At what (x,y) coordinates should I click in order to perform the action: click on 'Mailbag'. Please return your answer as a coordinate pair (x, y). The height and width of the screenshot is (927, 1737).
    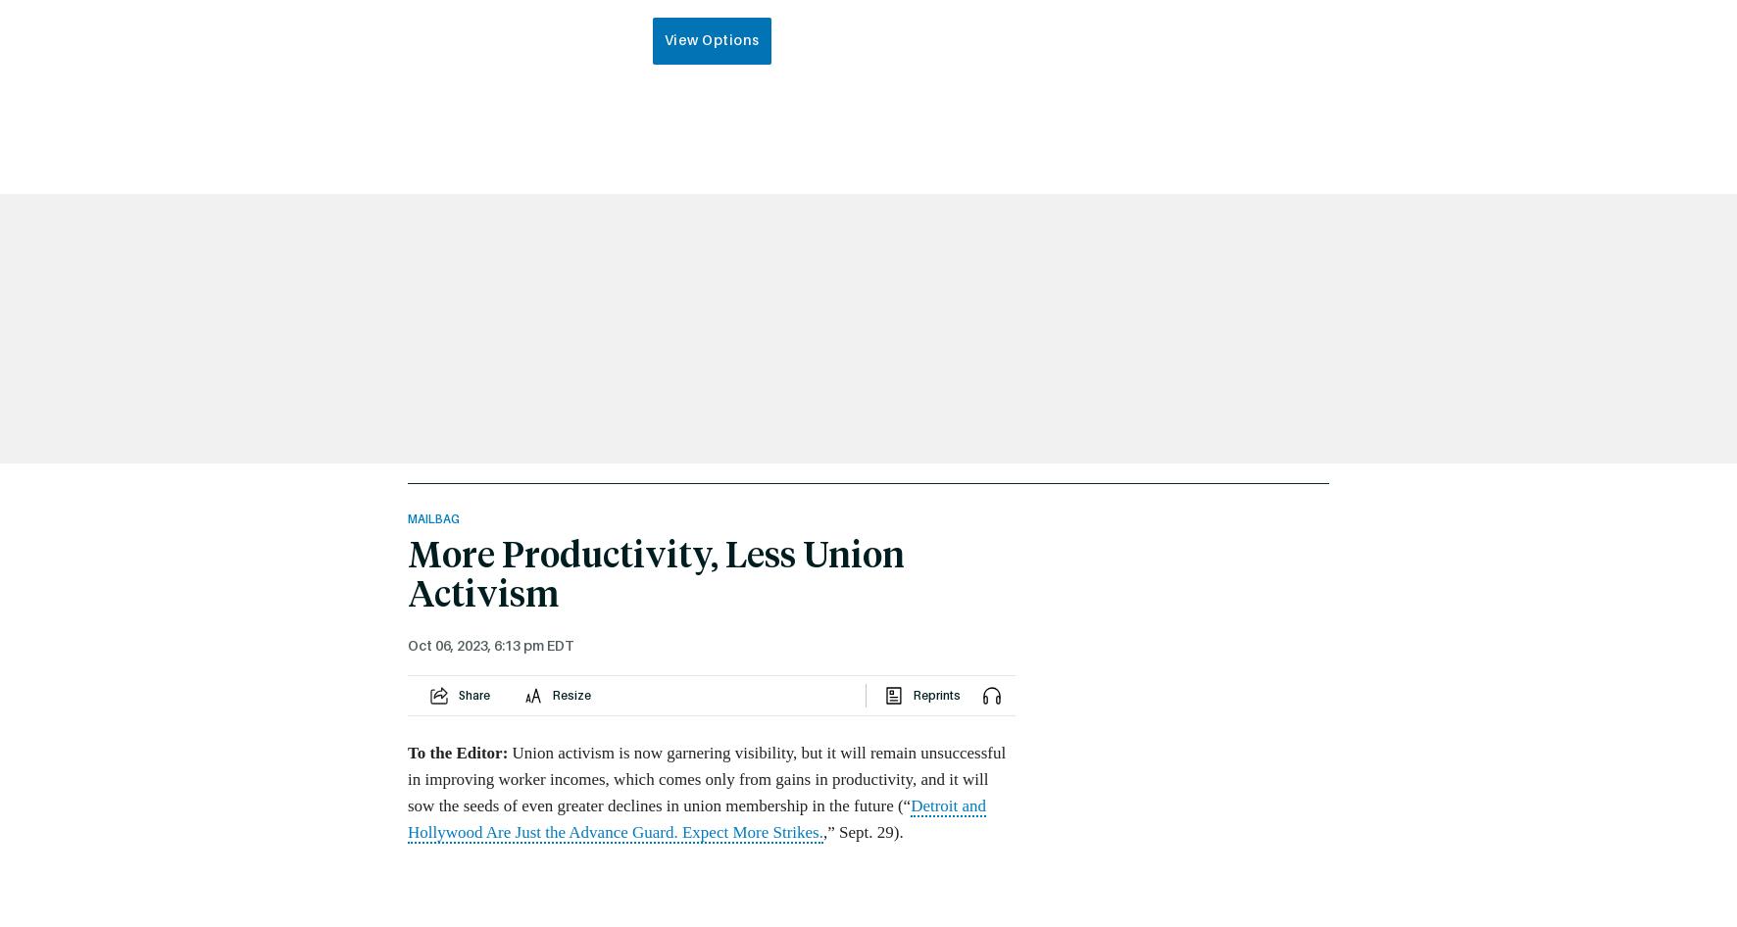
    Looking at the image, I should click on (433, 518).